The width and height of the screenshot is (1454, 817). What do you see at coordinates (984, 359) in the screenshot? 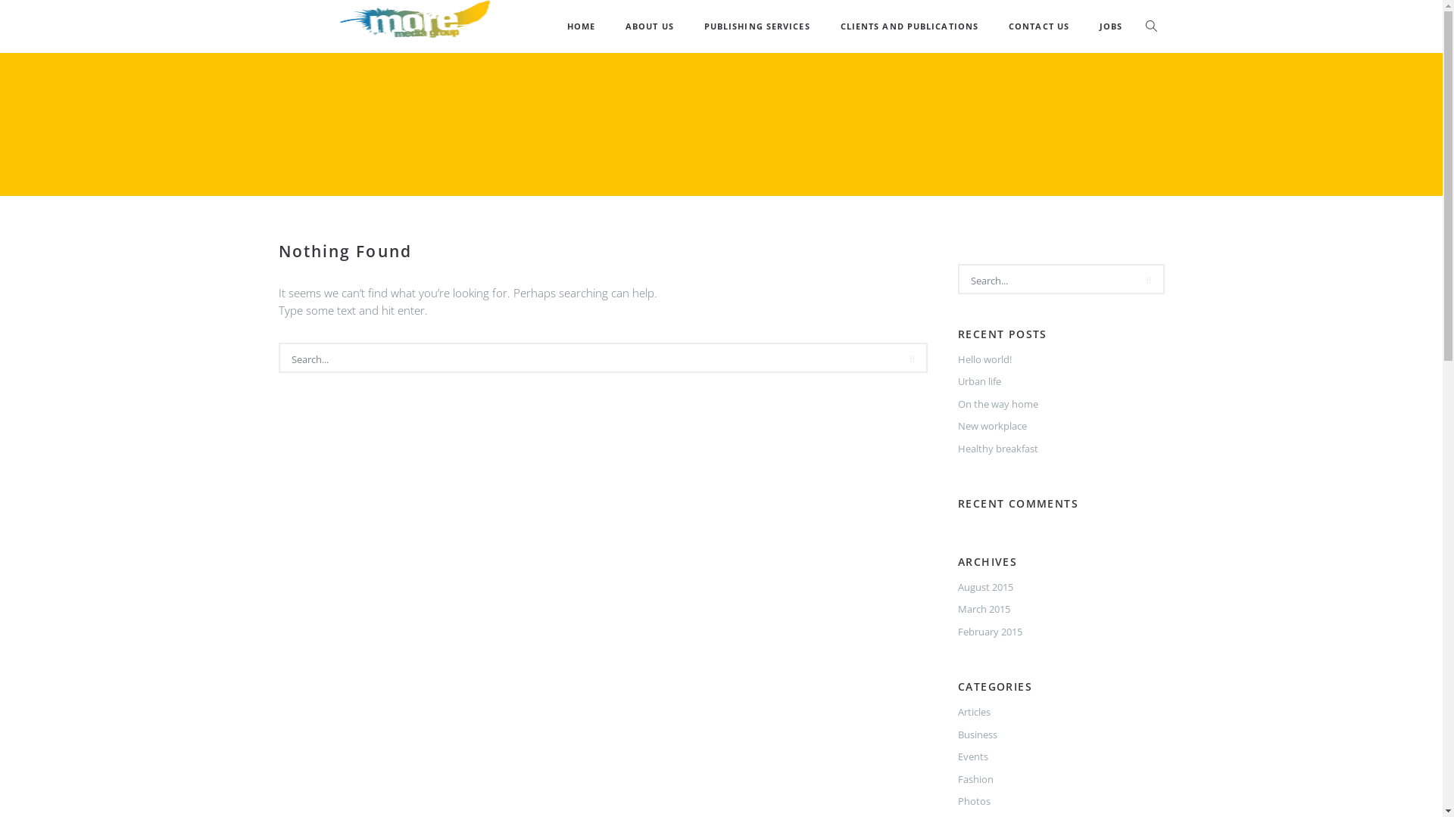
I see `'Hello world!'` at bounding box center [984, 359].